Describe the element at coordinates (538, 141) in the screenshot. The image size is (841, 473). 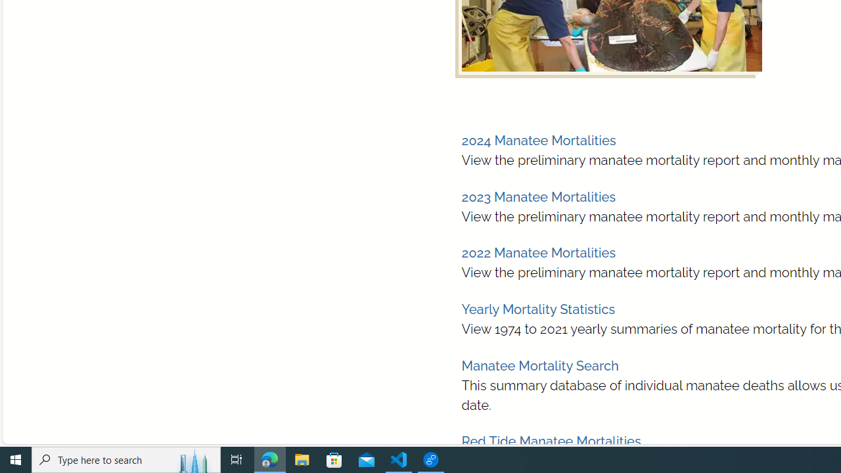
I see `'2024 Manatee Mortalities'` at that location.